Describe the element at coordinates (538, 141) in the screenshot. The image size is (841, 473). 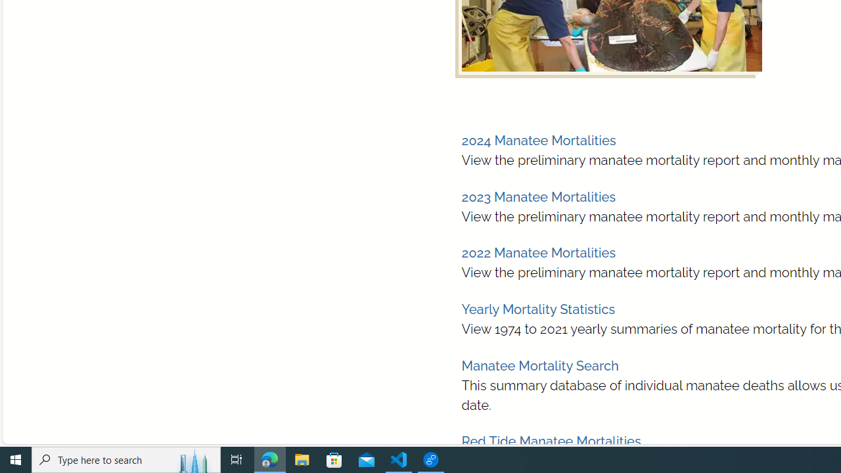
I see `'2024 Manatee Mortalities'` at that location.